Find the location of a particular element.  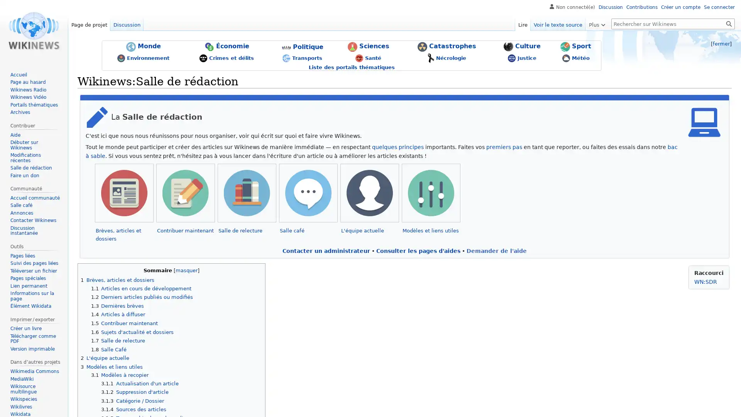

Rechercher is located at coordinates (729, 23).